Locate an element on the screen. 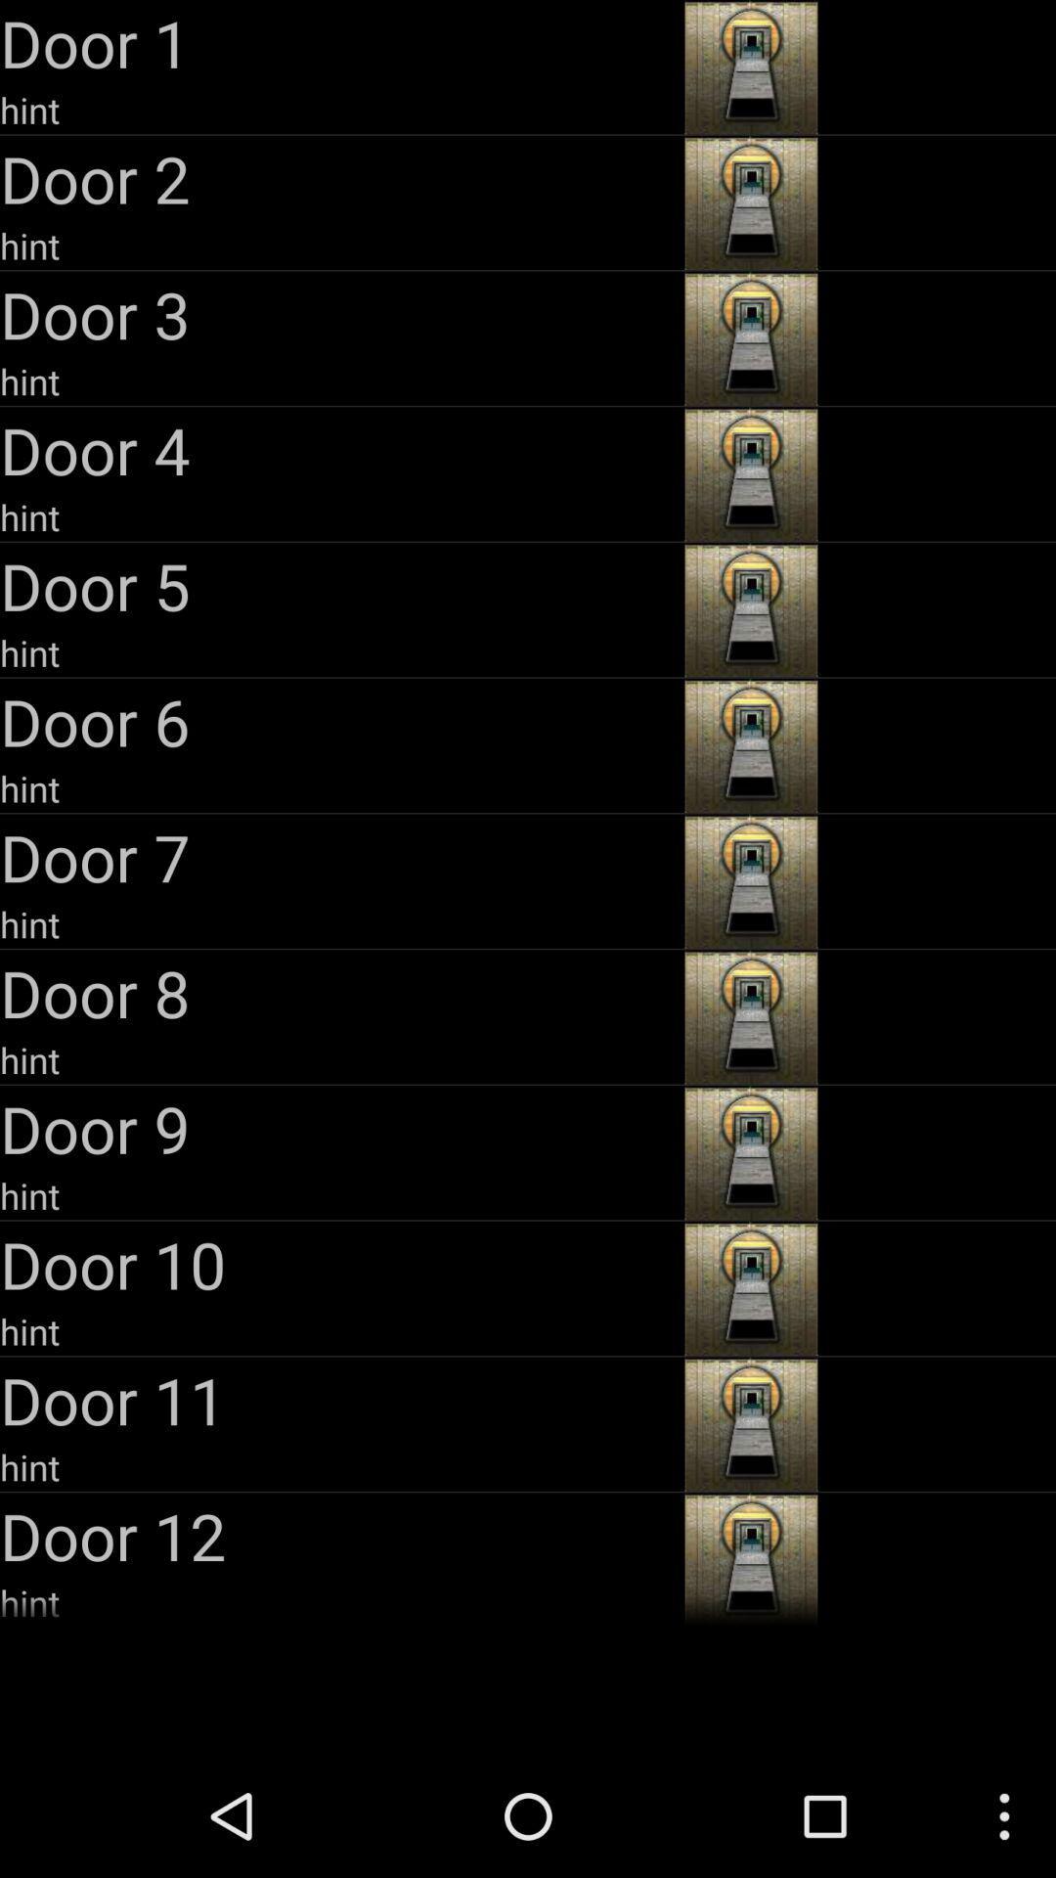  the door 7 item is located at coordinates (338, 857).